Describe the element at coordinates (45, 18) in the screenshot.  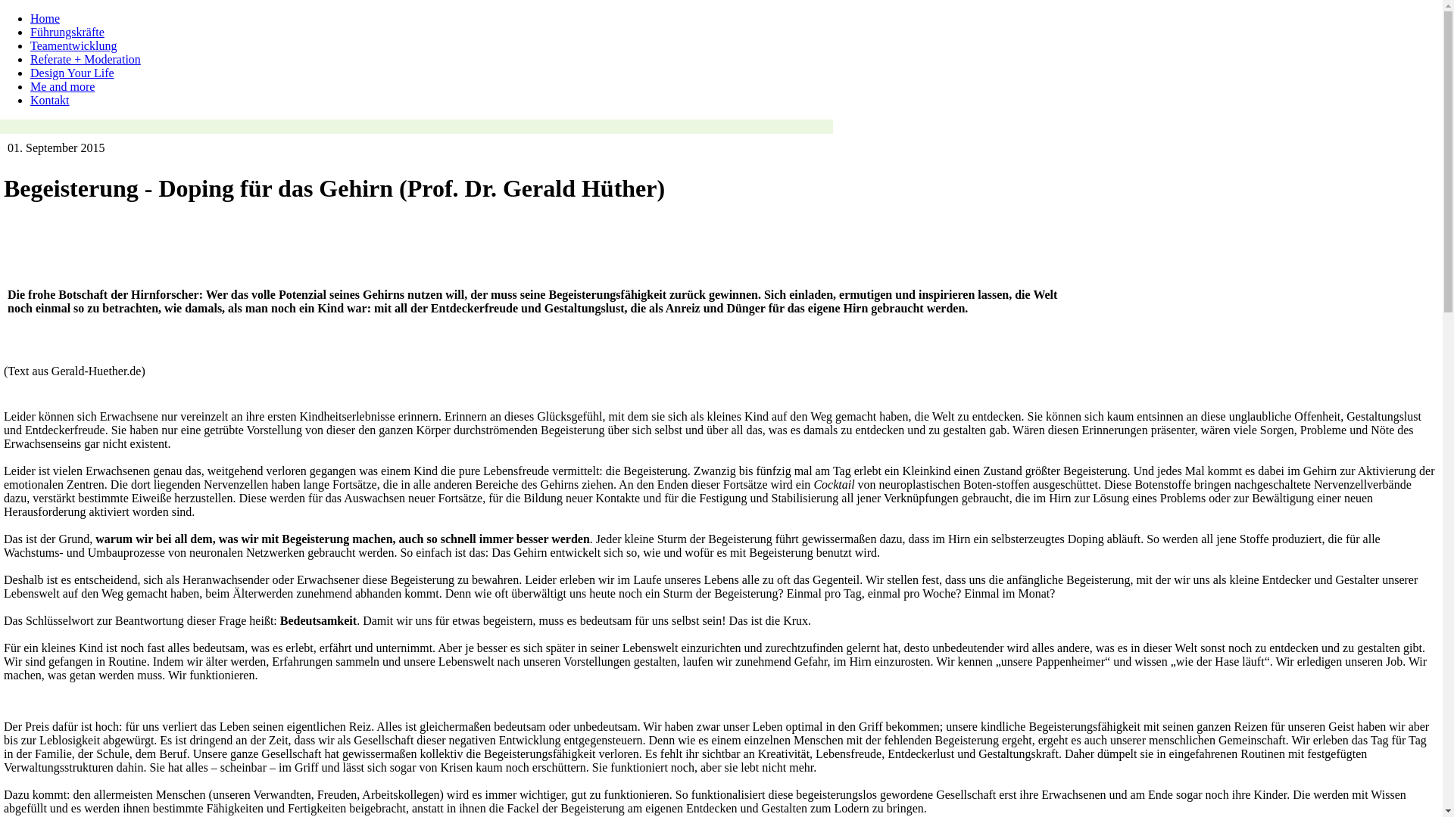
I see `'Home'` at that location.